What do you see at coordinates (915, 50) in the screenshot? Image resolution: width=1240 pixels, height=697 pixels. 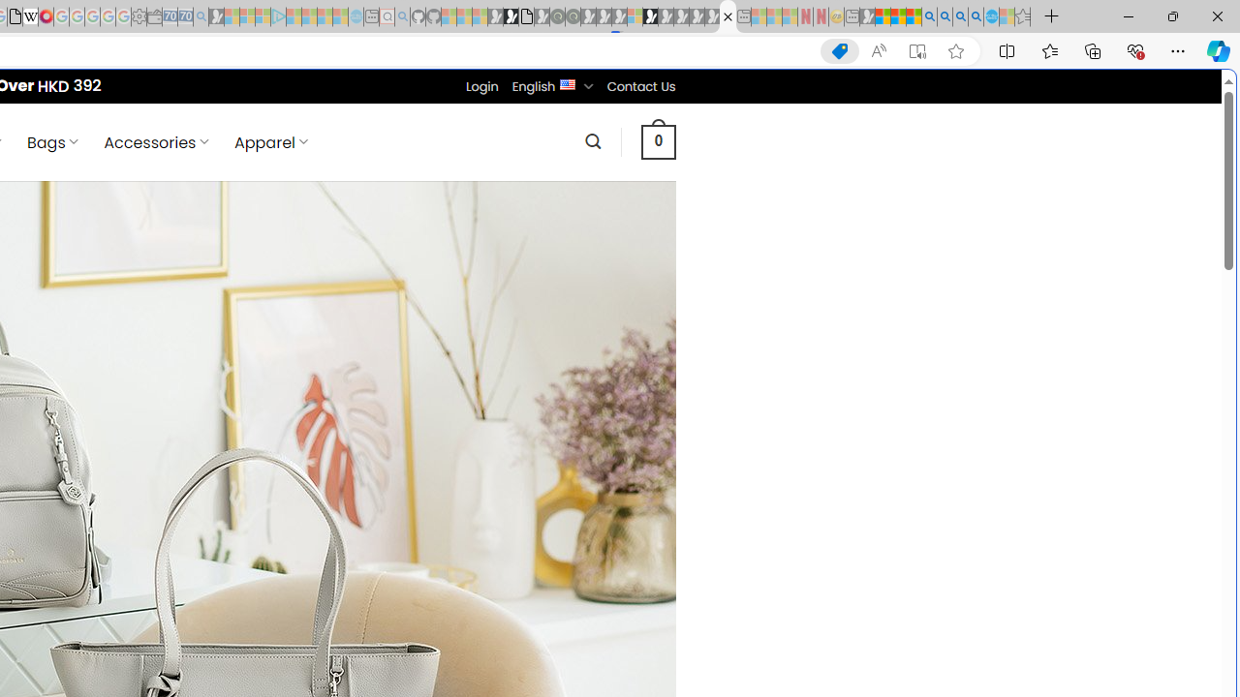 I see `'Enter Immersive Reader (F9)'` at bounding box center [915, 50].